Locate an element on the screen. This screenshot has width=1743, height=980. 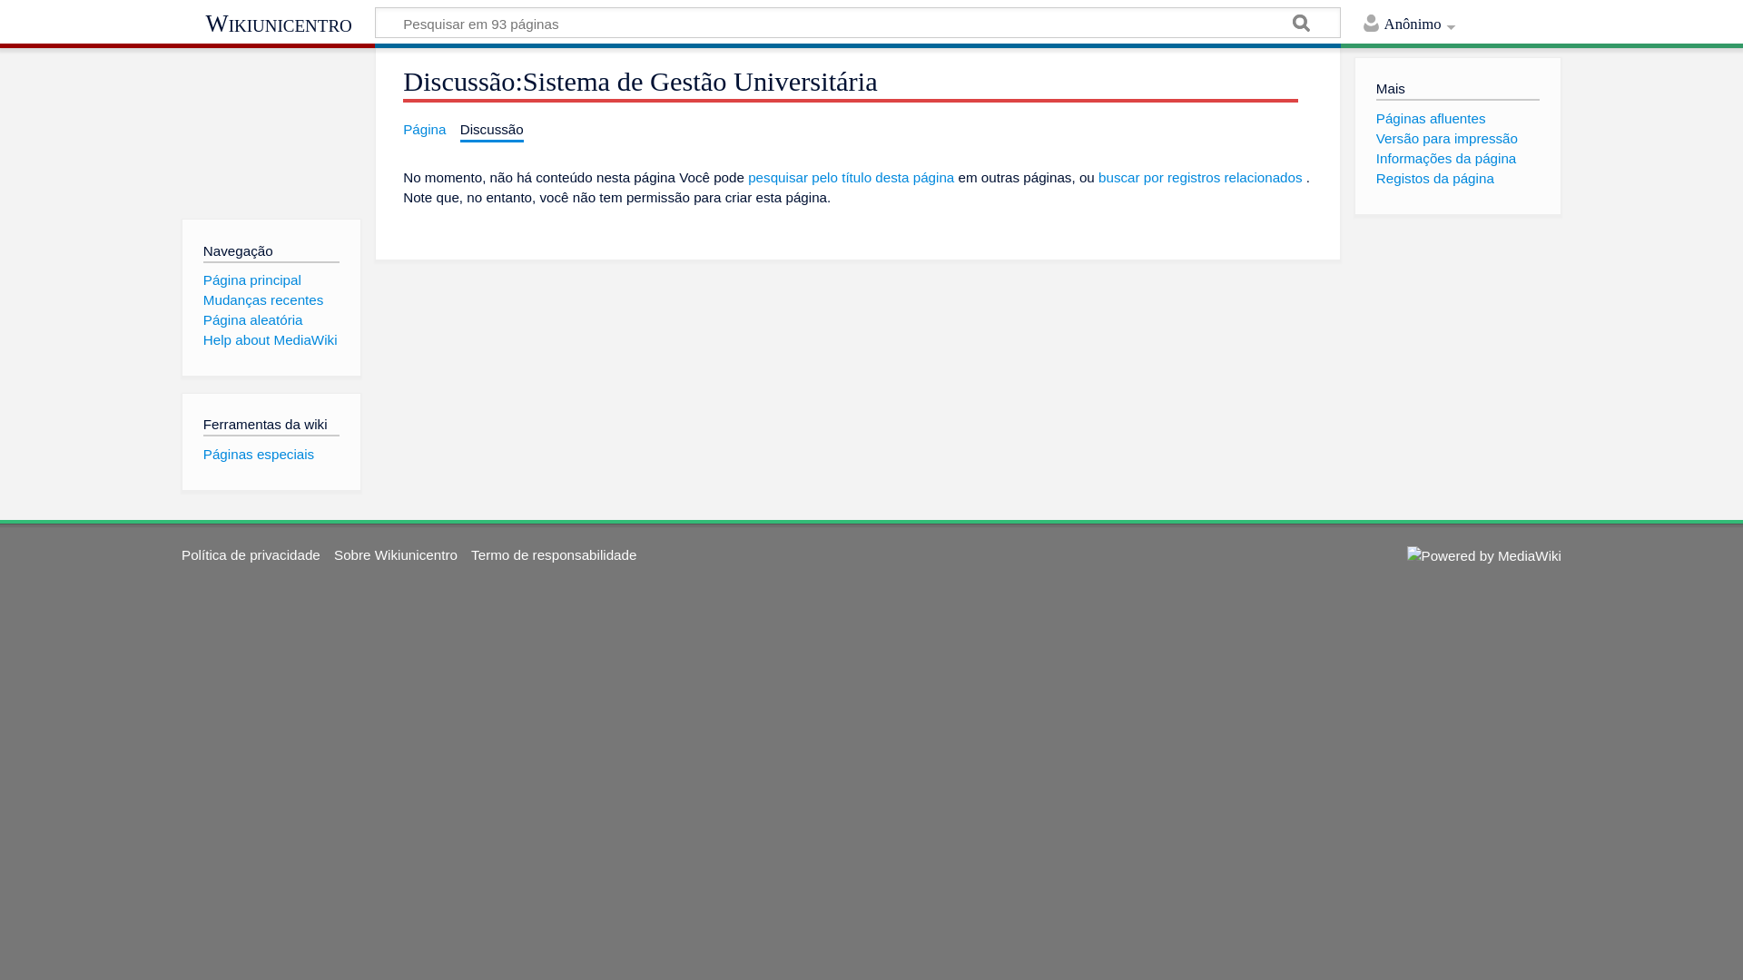
'buscar por registros relacionados' is located at coordinates (1200, 177).